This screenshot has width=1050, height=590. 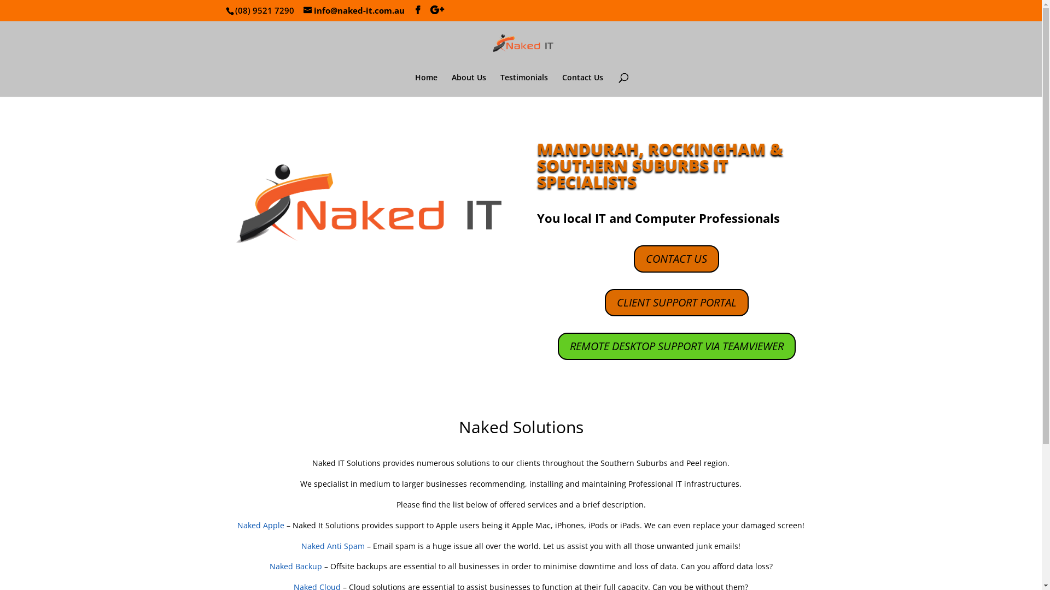 I want to click on 'Testimonials', so click(x=523, y=84).